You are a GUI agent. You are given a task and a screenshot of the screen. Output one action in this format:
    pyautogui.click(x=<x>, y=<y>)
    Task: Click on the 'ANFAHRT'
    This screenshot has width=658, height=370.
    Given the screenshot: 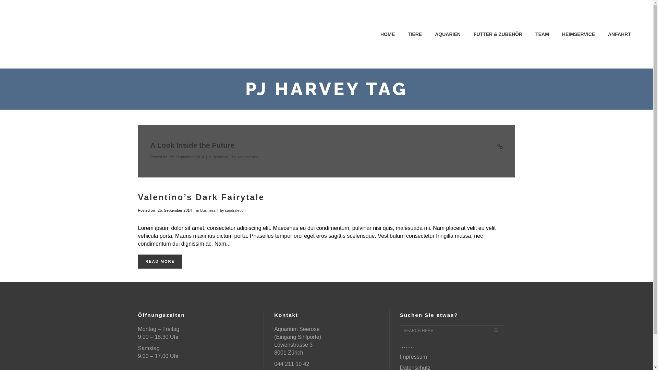 What is the action you would take?
    pyautogui.click(x=619, y=34)
    